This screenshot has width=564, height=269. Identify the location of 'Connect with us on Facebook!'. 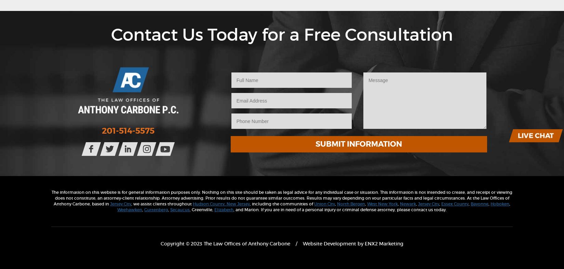
(136, 145).